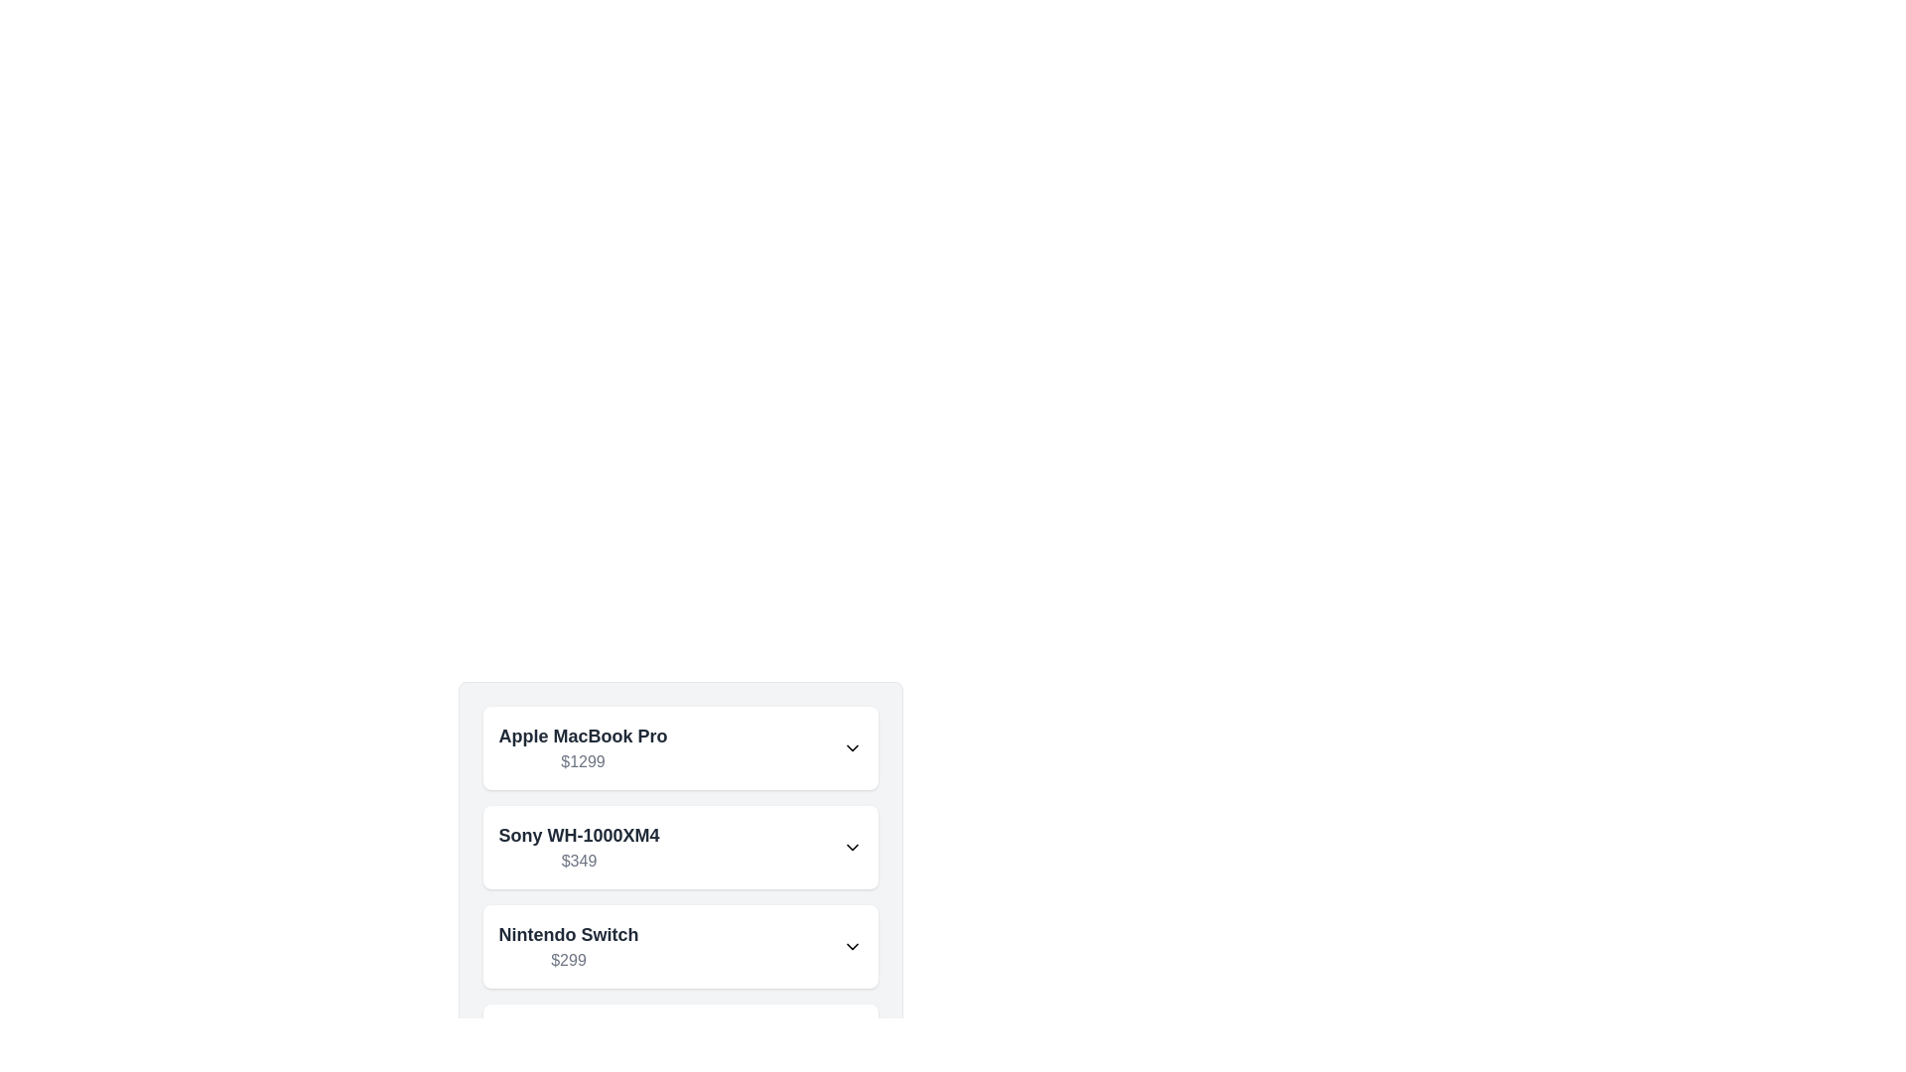 The width and height of the screenshot is (1906, 1072). What do you see at coordinates (578, 860) in the screenshot?
I see `the text label displaying the price '$349', which is styled with a gray font color and is located beneath the product title 'Sony WH-1000XM4'` at bounding box center [578, 860].